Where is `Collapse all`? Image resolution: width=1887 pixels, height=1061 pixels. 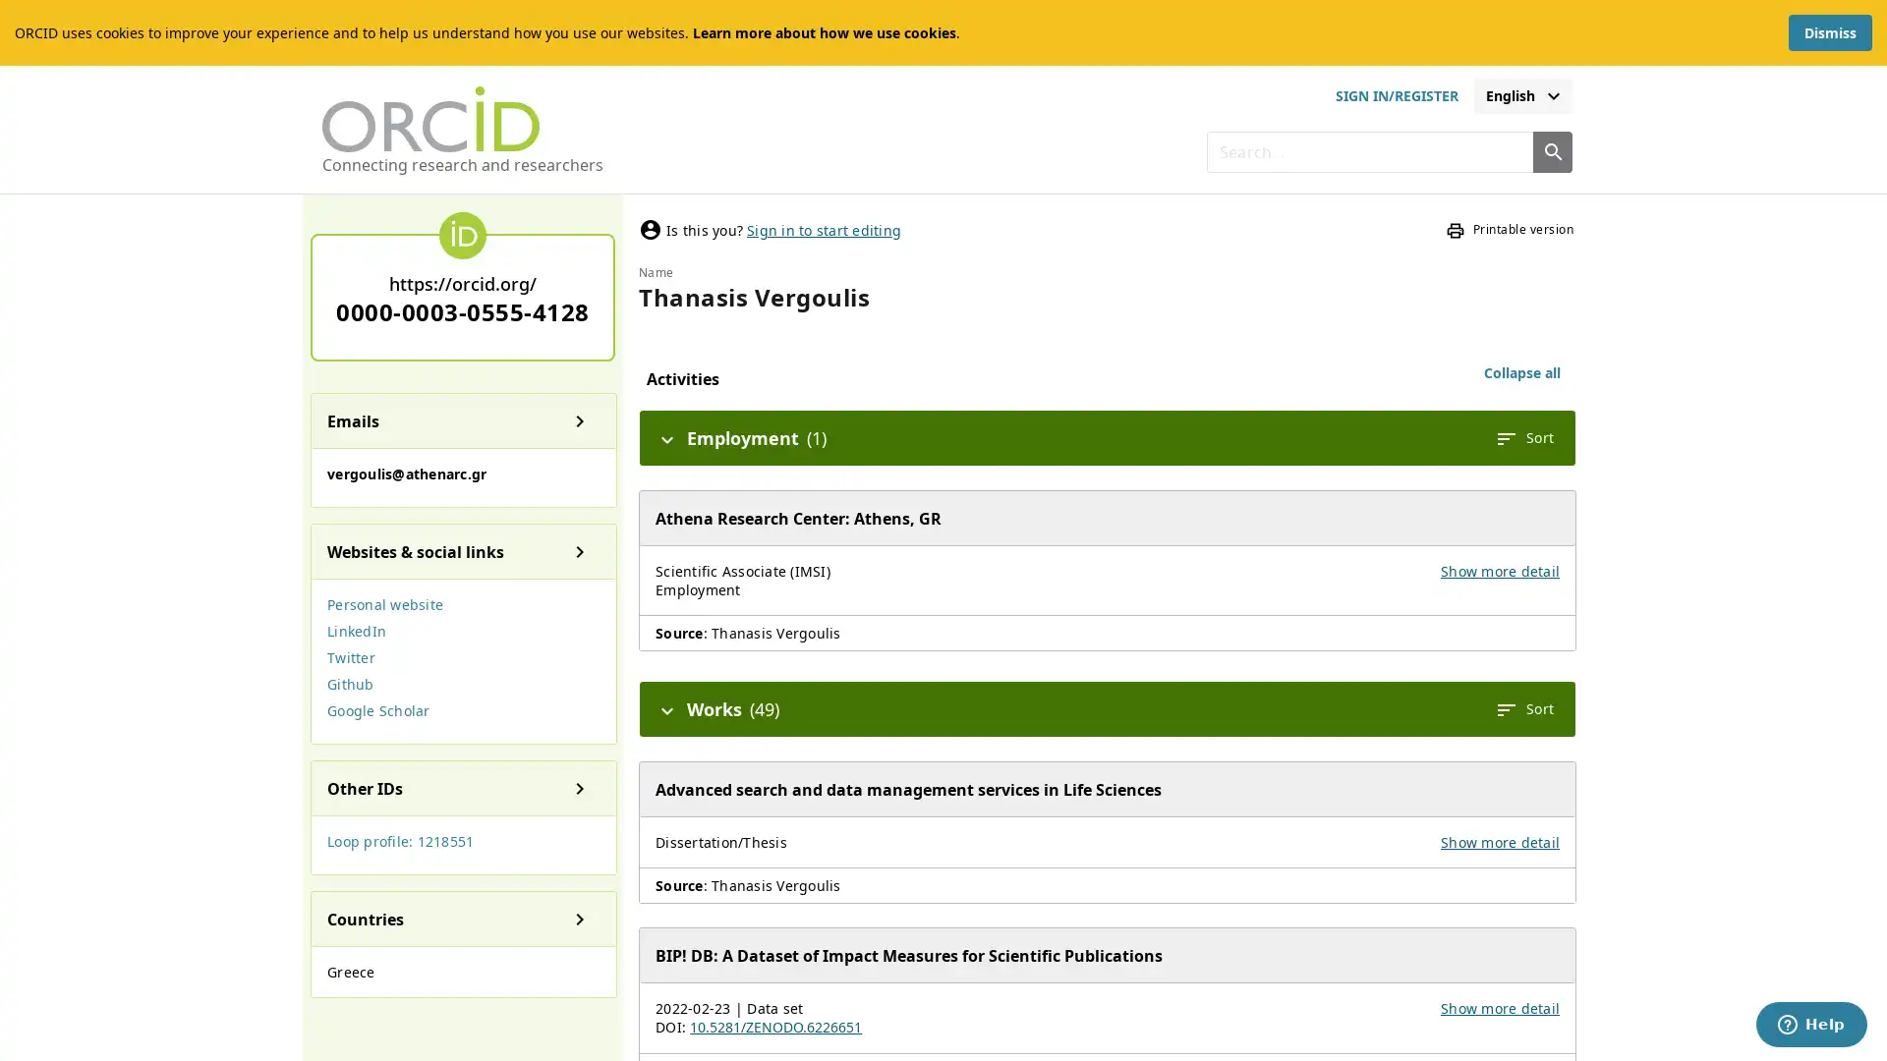 Collapse all is located at coordinates (1521, 373).